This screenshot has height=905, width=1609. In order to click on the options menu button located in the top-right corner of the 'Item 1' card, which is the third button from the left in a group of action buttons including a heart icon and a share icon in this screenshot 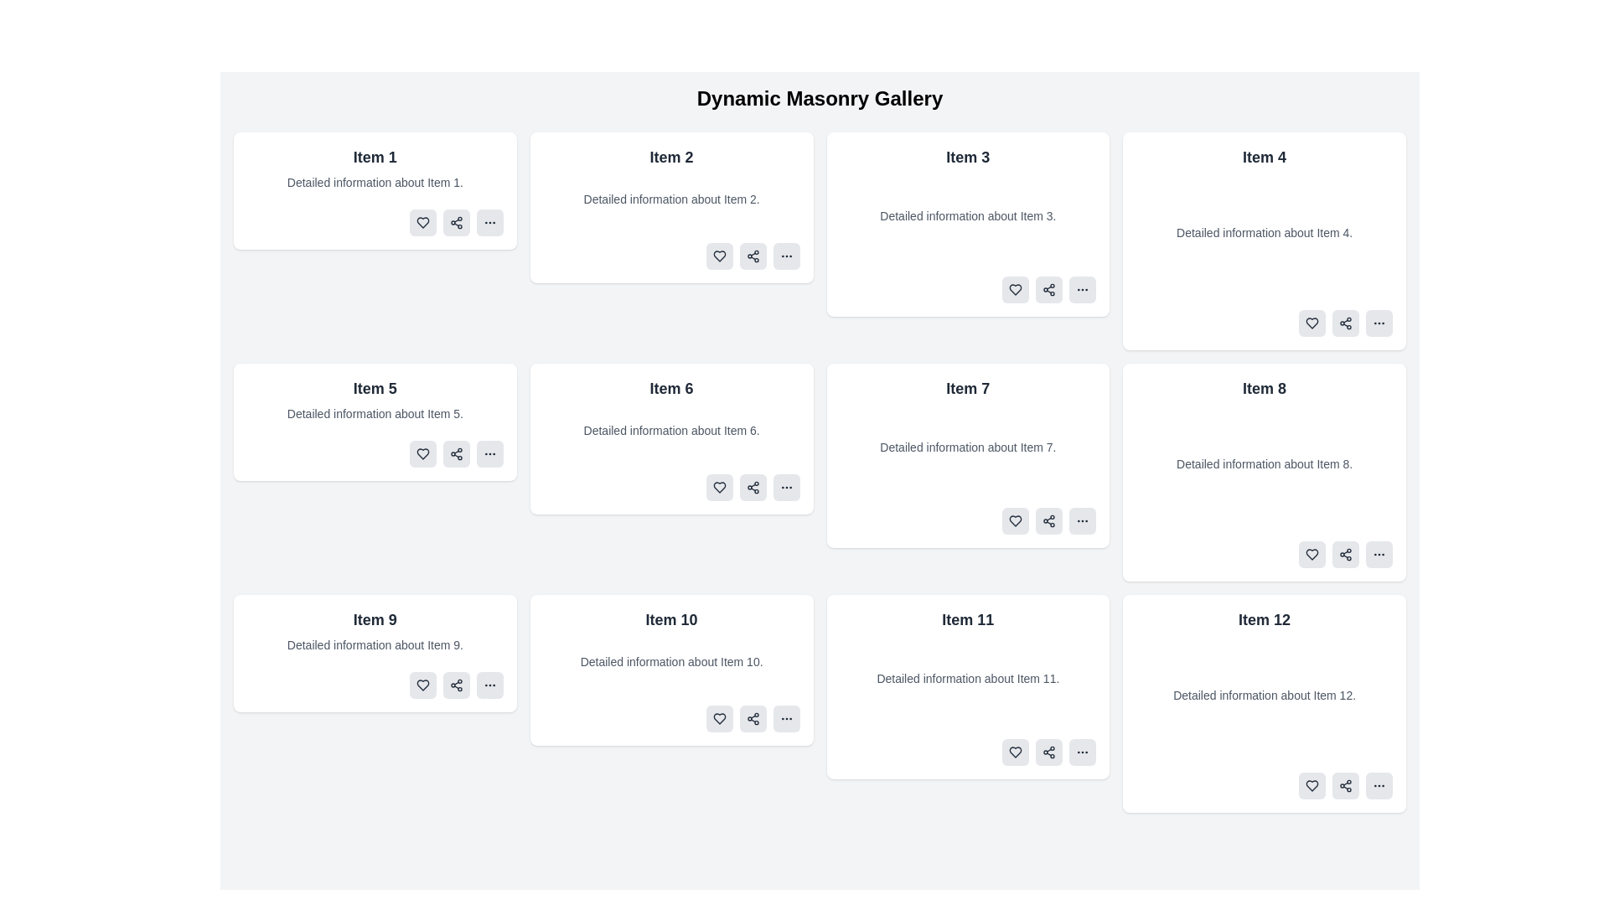, I will do `click(489, 222)`.